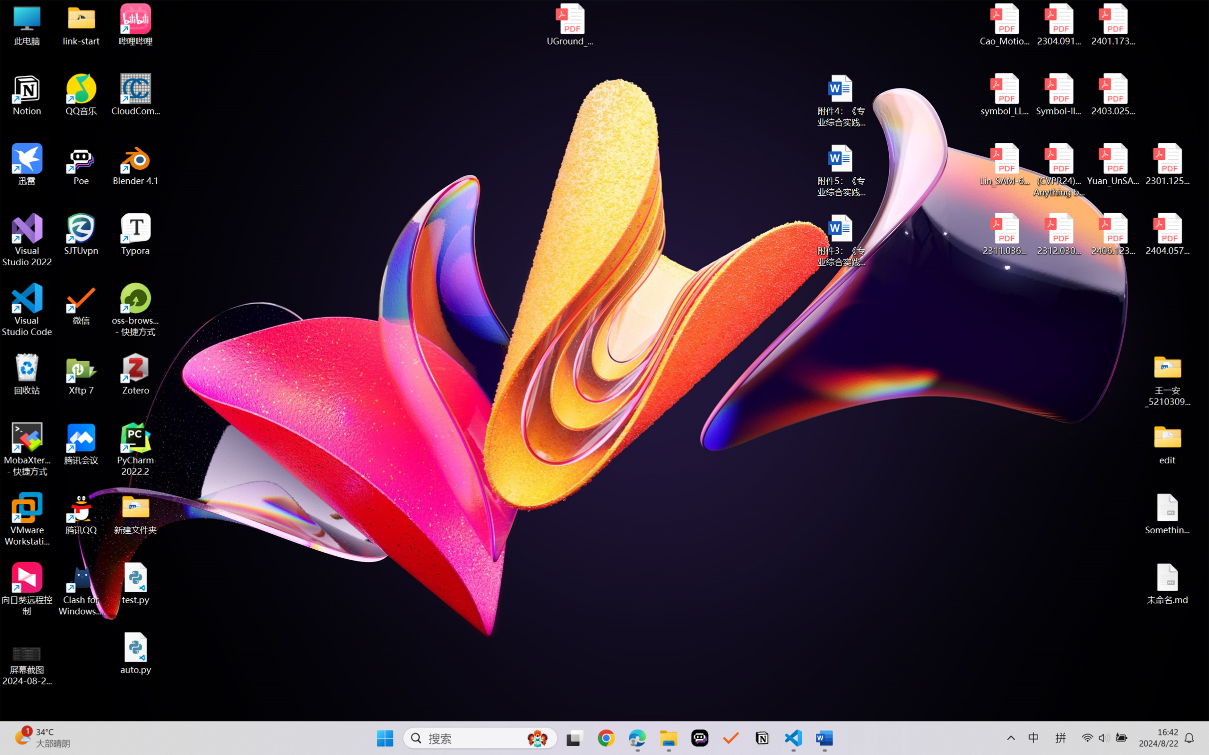  What do you see at coordinates (1005, 234) in the screenshot?
I see `'2311.03658v2.pdf'` at bounding box center [1005, 234].